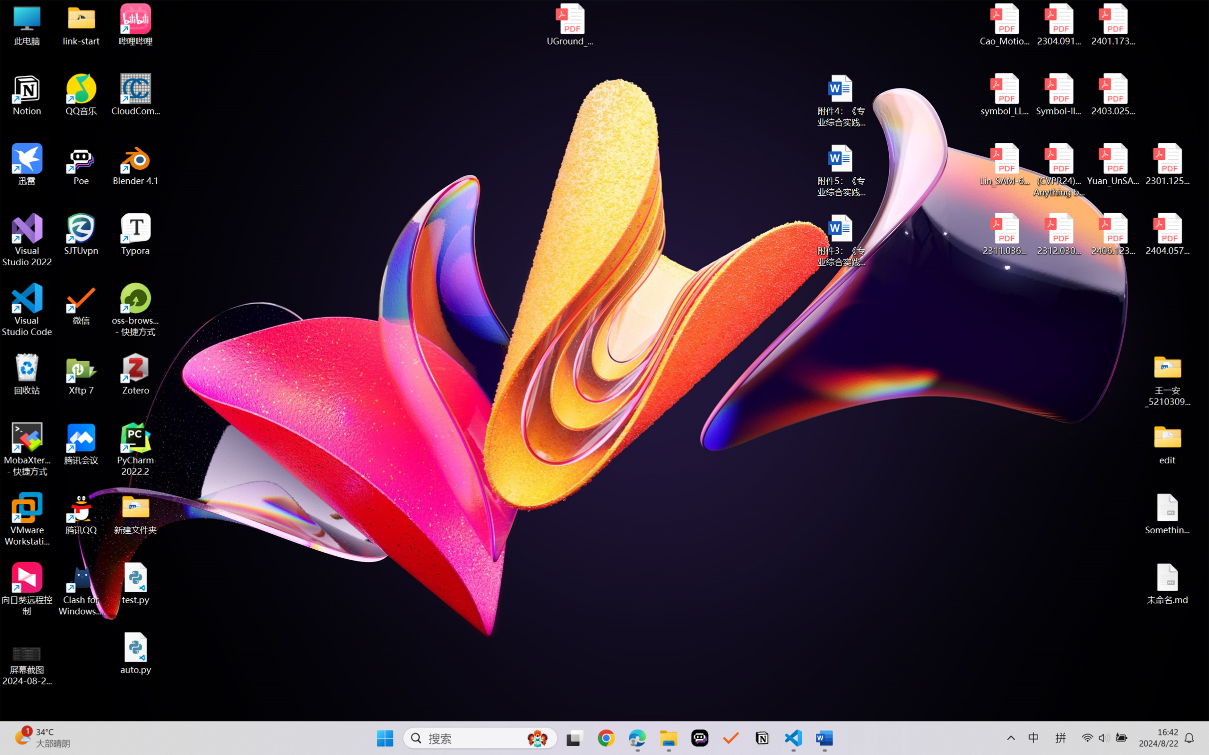  What do you see at coordinates (1005, 234) in the screenshot?
I see `'2311.03658v2.pdf'` at bounding box center [1005, 234].